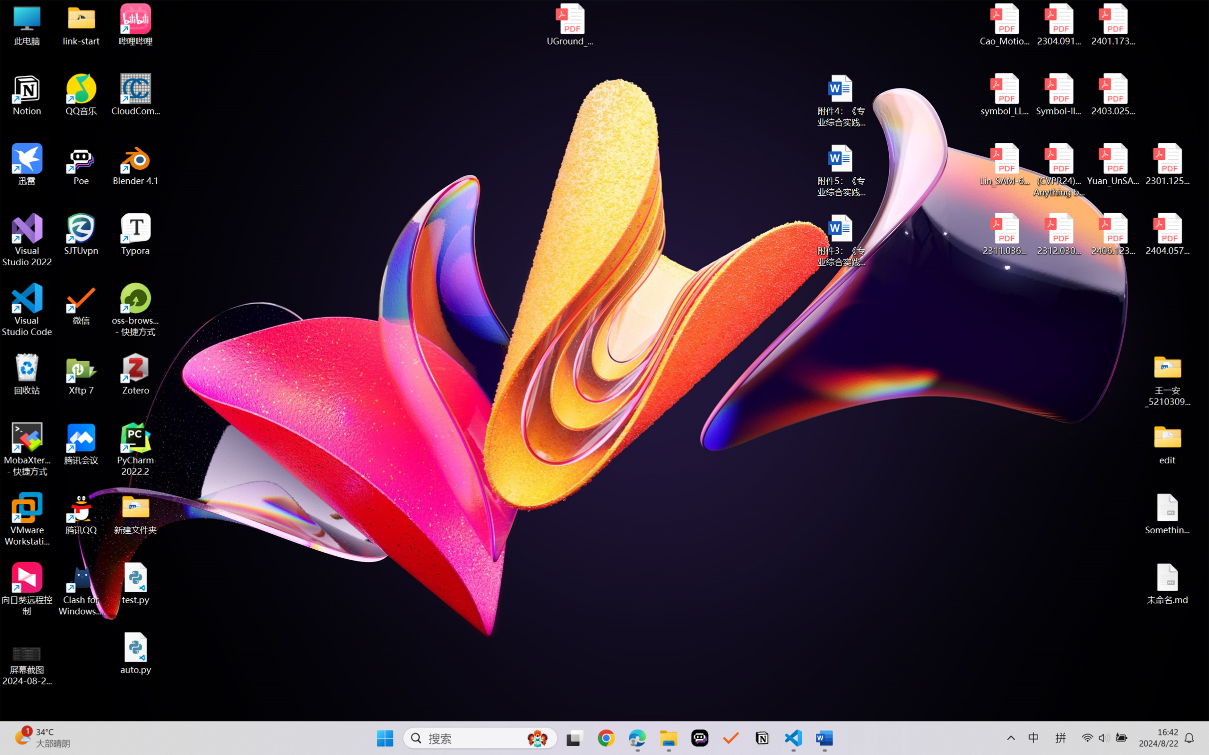  What do you see at coordinates (1005, 234) in the screenshot?
I see `'2311.03658v2.pdf'` at bounding box center [1005, 234].